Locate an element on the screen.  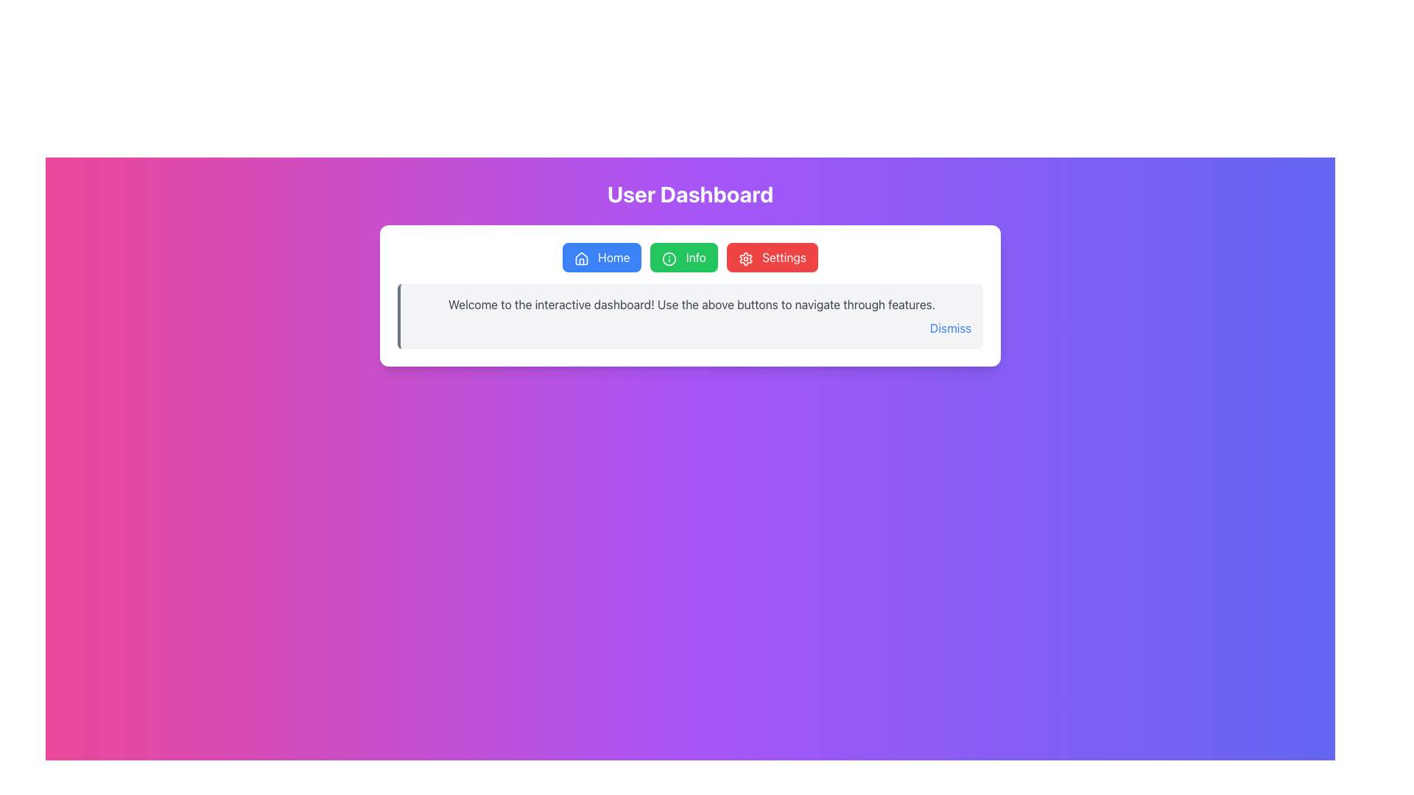
the 'Home' button with a blue background and white text is located at coordinates (602, 257).